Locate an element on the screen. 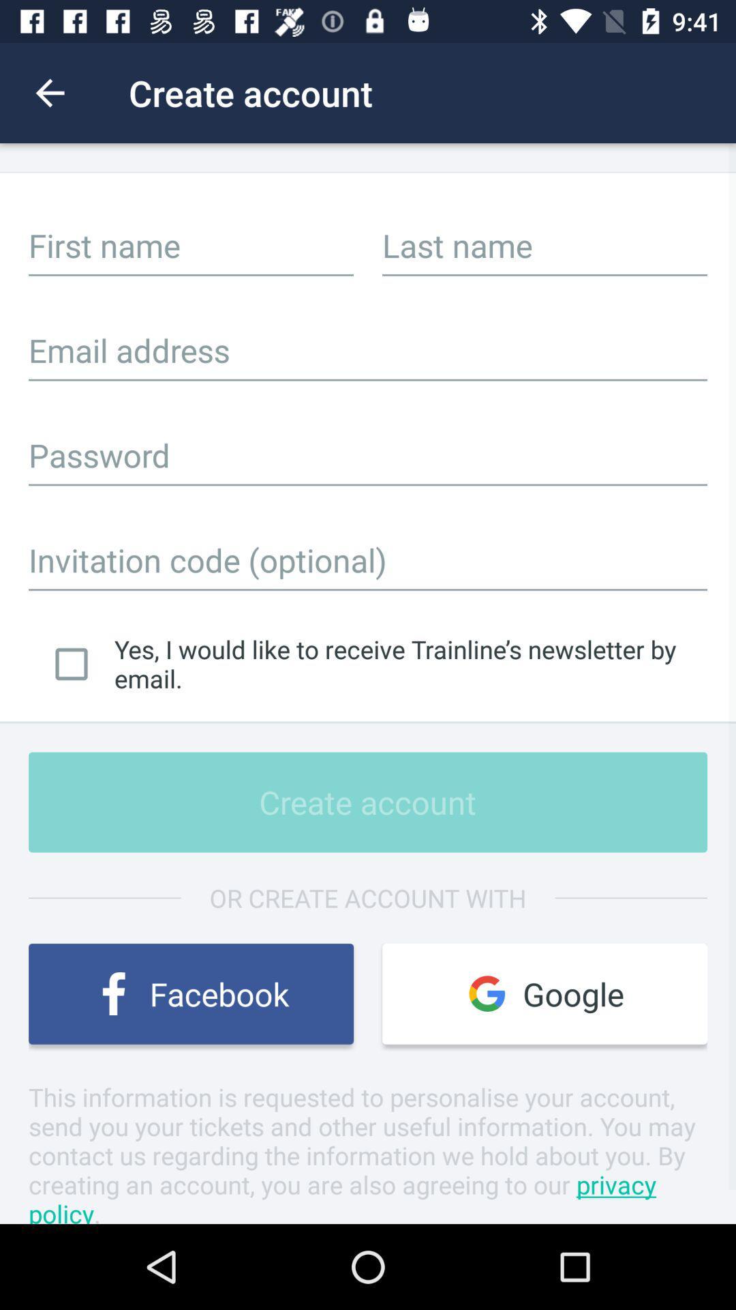  insert your first name is located at coordinates (191, 245).